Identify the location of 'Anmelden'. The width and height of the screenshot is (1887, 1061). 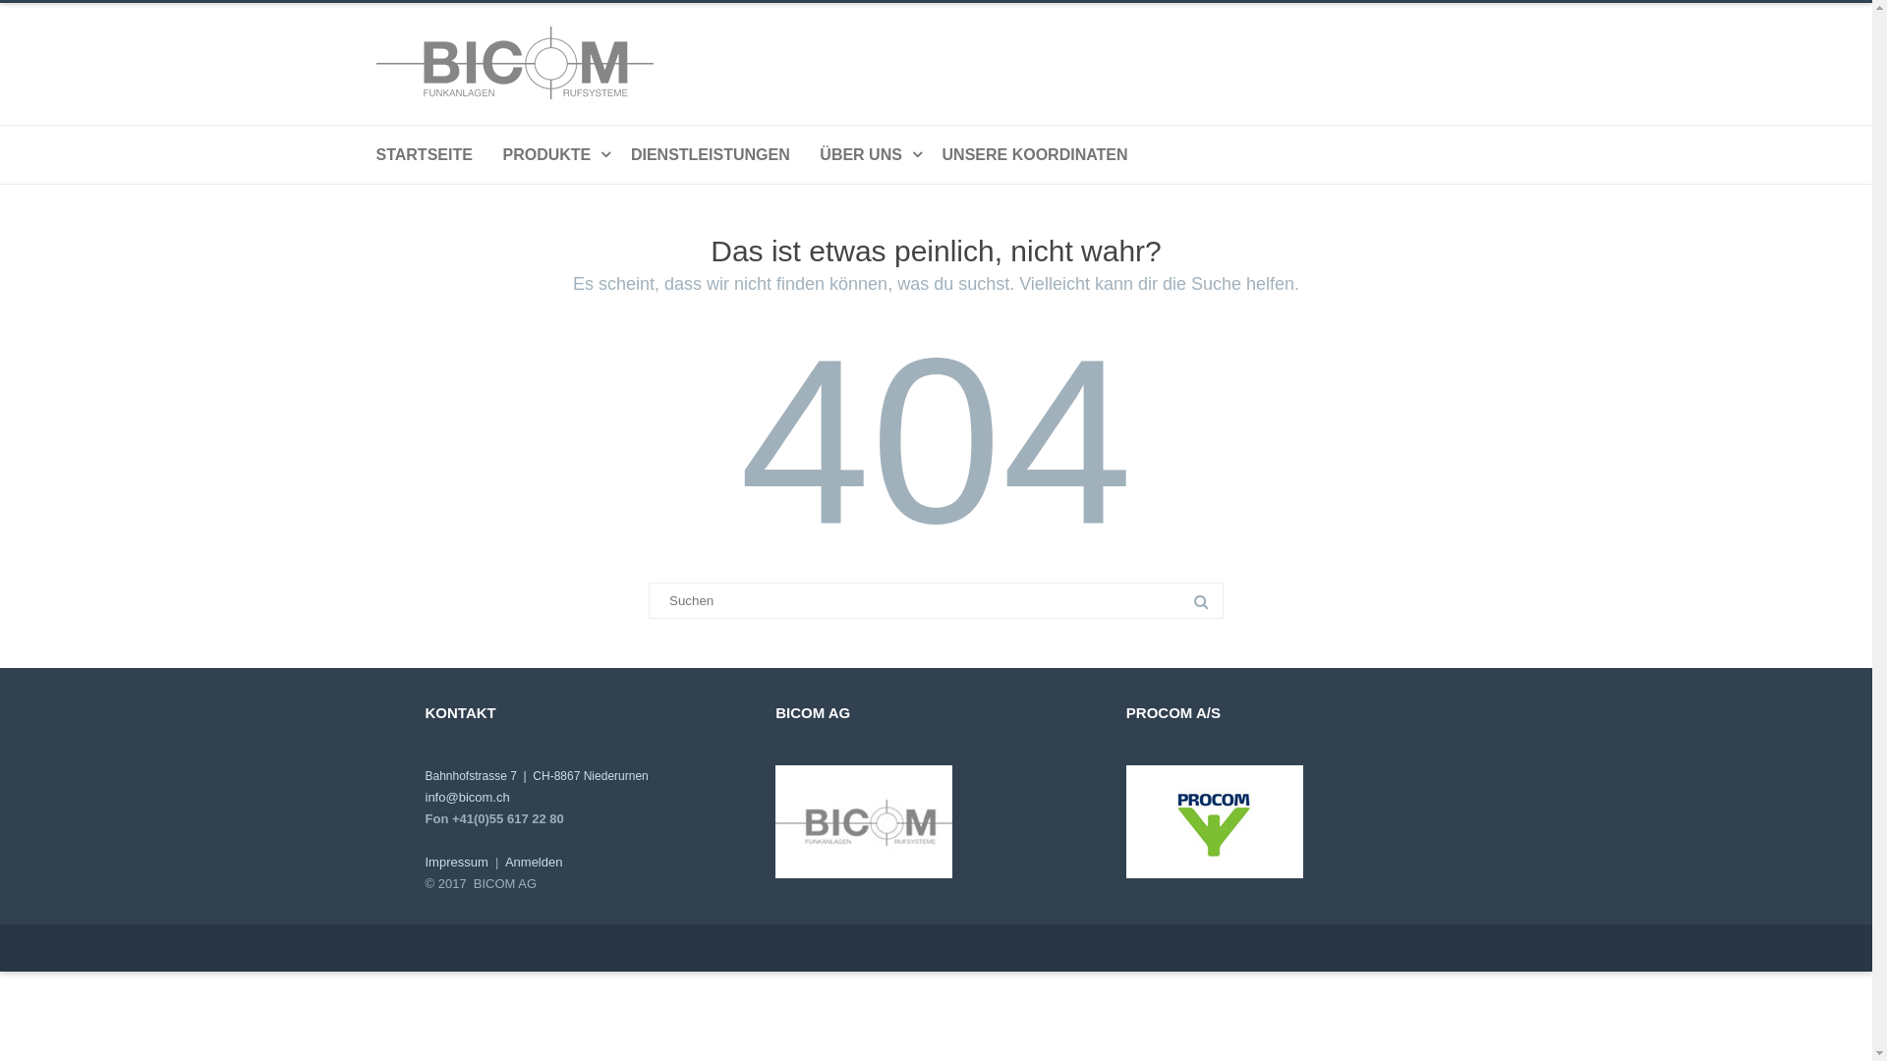
(504, 861).